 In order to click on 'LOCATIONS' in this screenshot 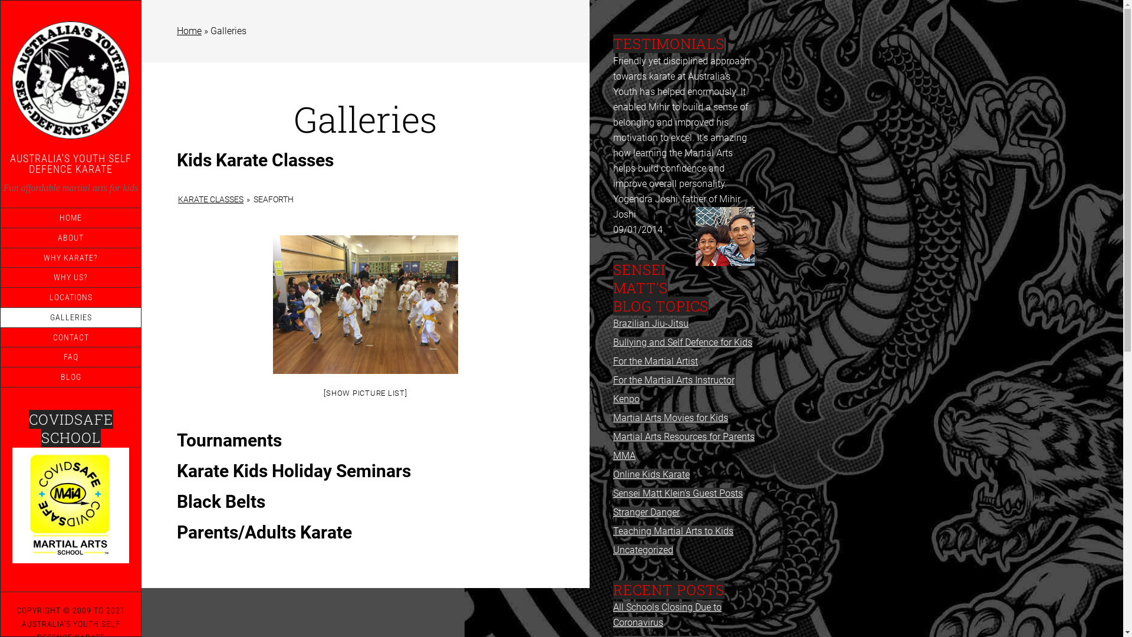, I will do `click(70, 297)`.